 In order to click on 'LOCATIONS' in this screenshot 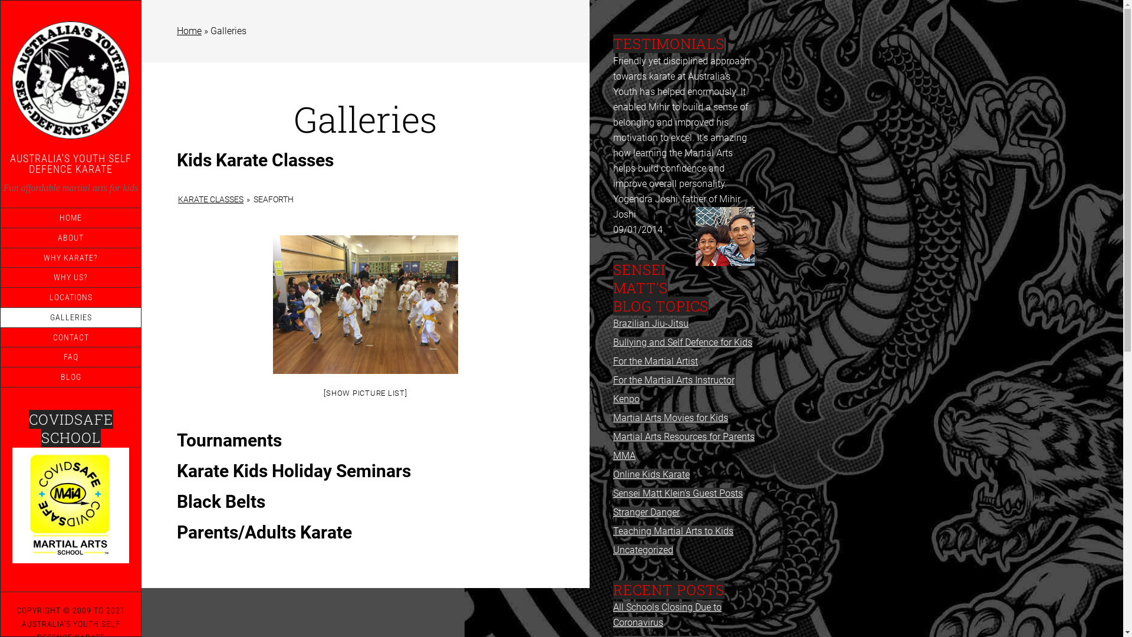, I will do `click(70, 297)`.